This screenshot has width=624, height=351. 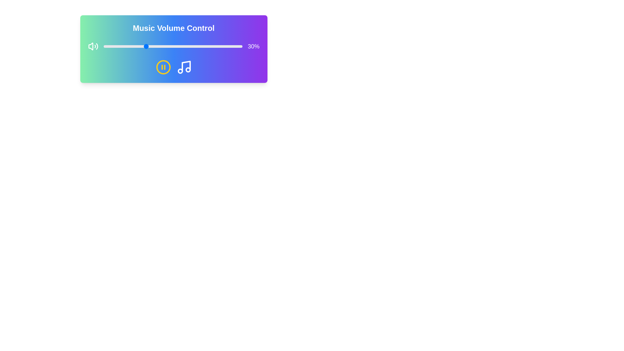 What do you see at coordinates (163, 67) in the screenshot?
I see `the circular pause icon with a yellow outline, characterized by two vertical yellow bars in its center` at bounding box center [163, 67].